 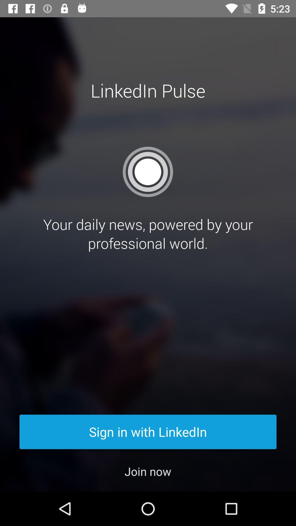 I want to click on sign in with item, so click(x=148, y=431).